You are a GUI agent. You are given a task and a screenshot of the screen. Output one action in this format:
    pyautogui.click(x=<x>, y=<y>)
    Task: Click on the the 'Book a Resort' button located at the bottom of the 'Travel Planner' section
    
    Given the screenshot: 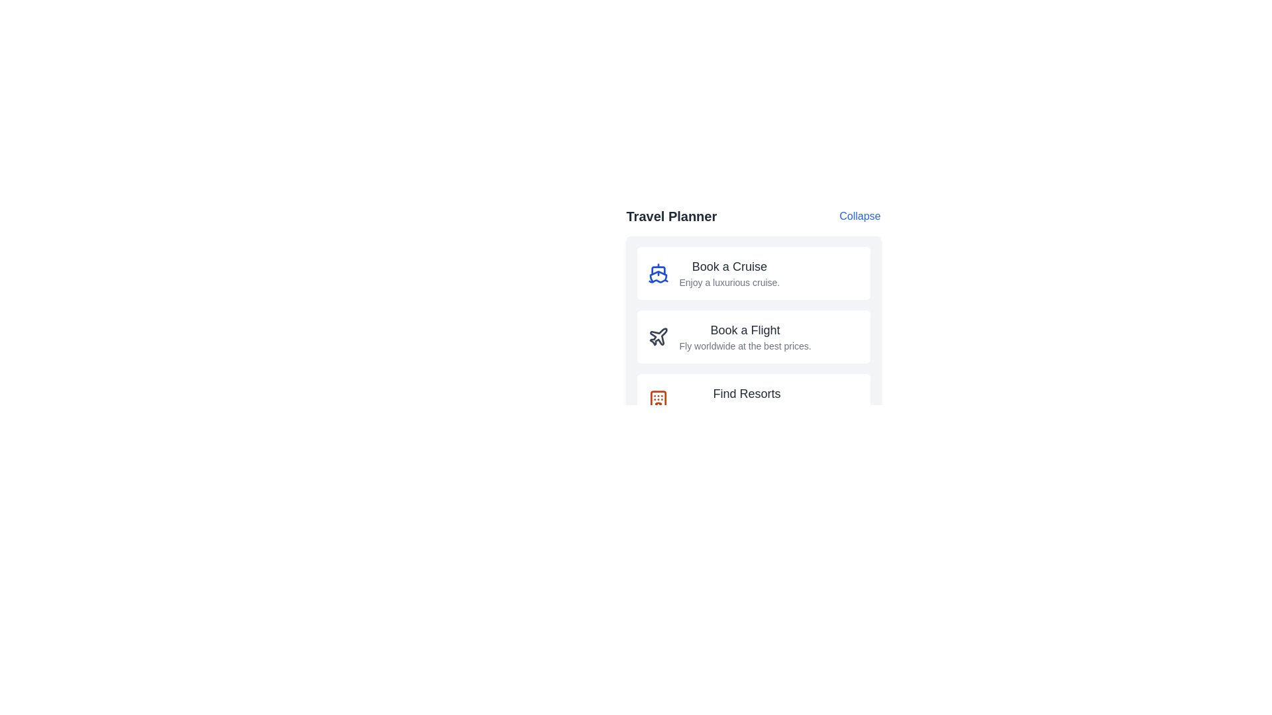 What is the action you would take?
    pyautogui.click(x=753, y=400)
    